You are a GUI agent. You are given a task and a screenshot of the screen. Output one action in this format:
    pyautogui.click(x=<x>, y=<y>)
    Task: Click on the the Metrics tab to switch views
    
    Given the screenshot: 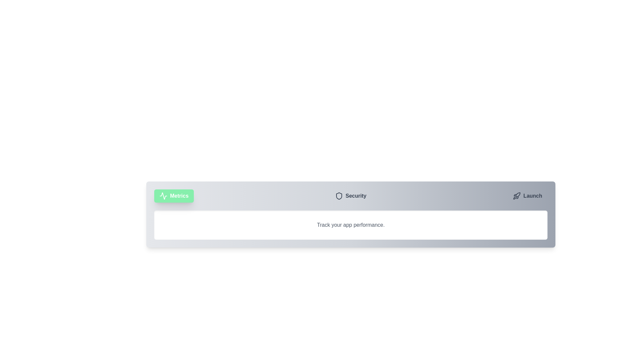 What is the action you would take?
    pyautogui.click(x=174, y=196)
    